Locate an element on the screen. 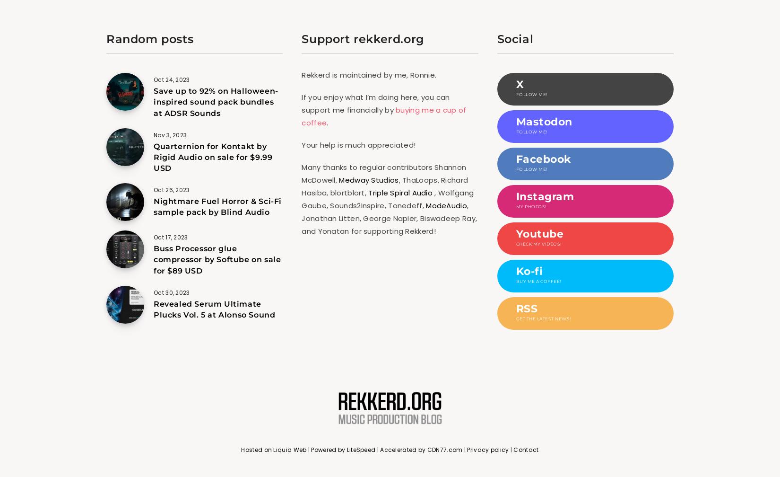  'If you enjoy what I’m doing here, you can support me financially by' is located at coordinates (375, 104).